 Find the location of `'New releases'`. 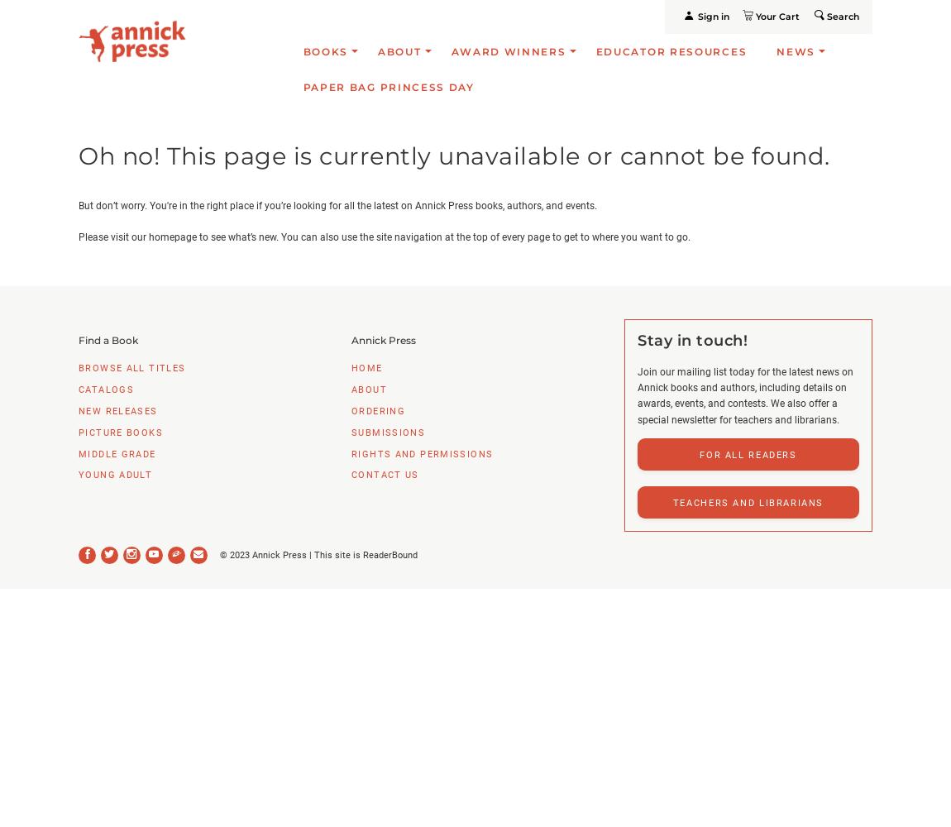

'New releases' is located at coordinates (117, 409).